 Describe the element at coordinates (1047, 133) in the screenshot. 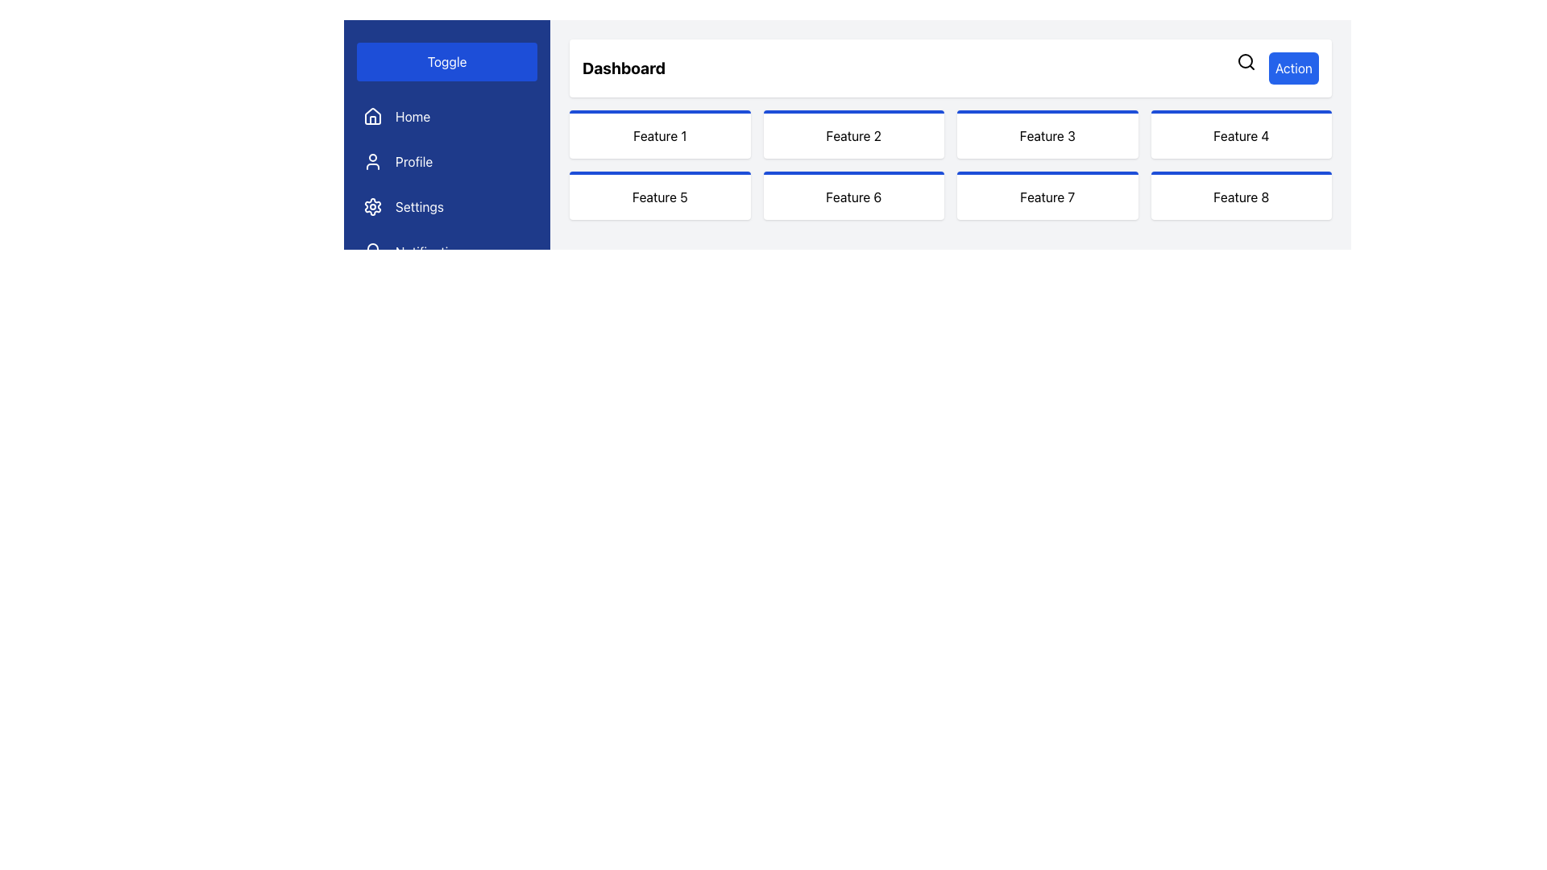

I see `the 'Feature 3' button-like UI element which is a rectangular component with a white background, rounded corners, and a blue border on top` at that location.